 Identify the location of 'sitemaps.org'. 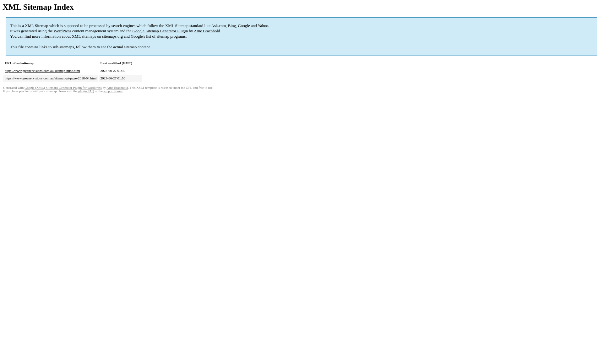
(112, 36).